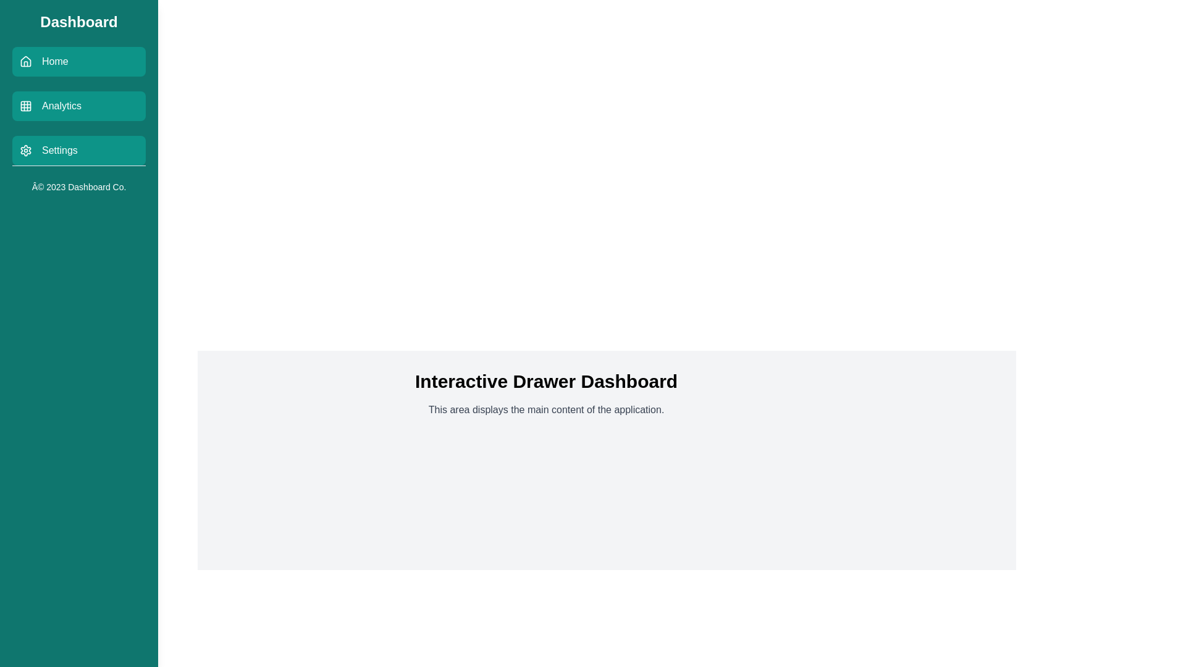 Image resolution: width=1186 pixels, height=667 pixels. I want to click on the Analytics menu item to observe its hover effect, so click(78, 106).